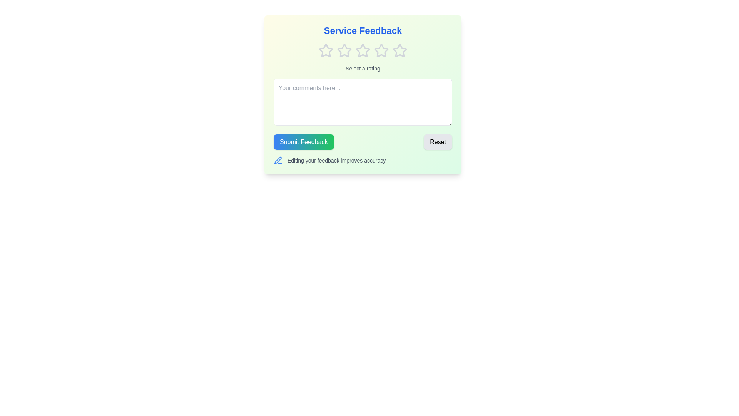 The image size is (739, 416). I want to click on the decorative indicator icon located at the bottom left section of the service feedback card interface, which symbolizes an editing action, so click(278, 160).